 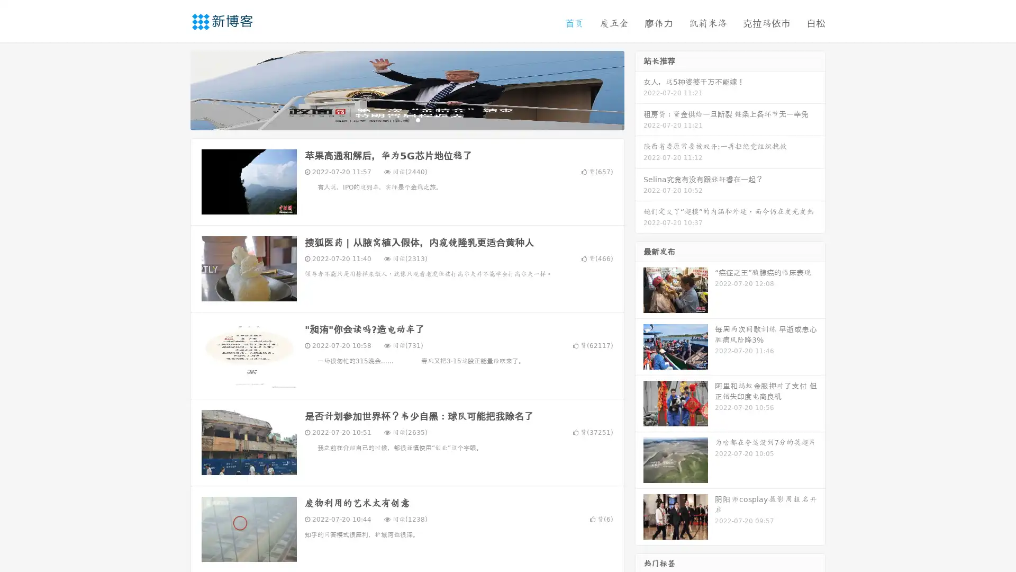 I want to click on Next slide, so click(x=639, y=89).